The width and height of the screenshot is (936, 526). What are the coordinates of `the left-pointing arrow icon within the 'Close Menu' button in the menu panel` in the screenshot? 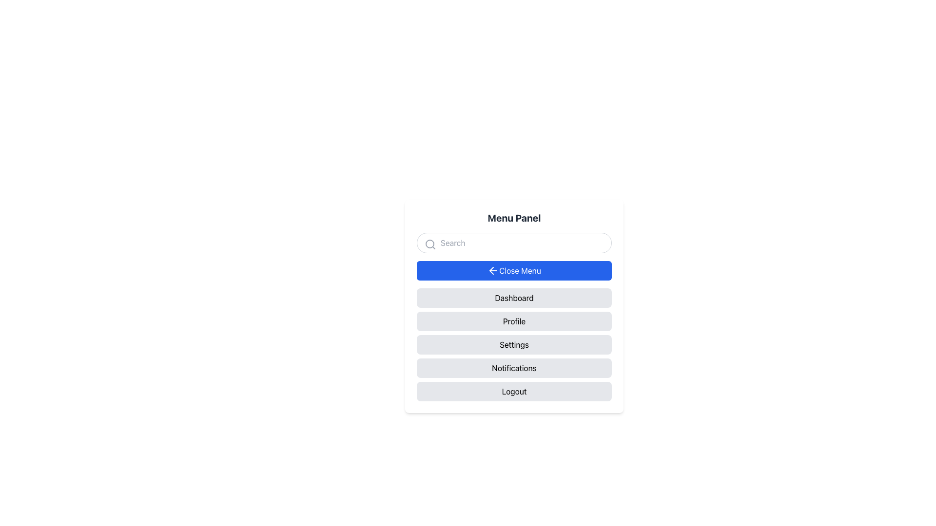 It's located at (491, 270).